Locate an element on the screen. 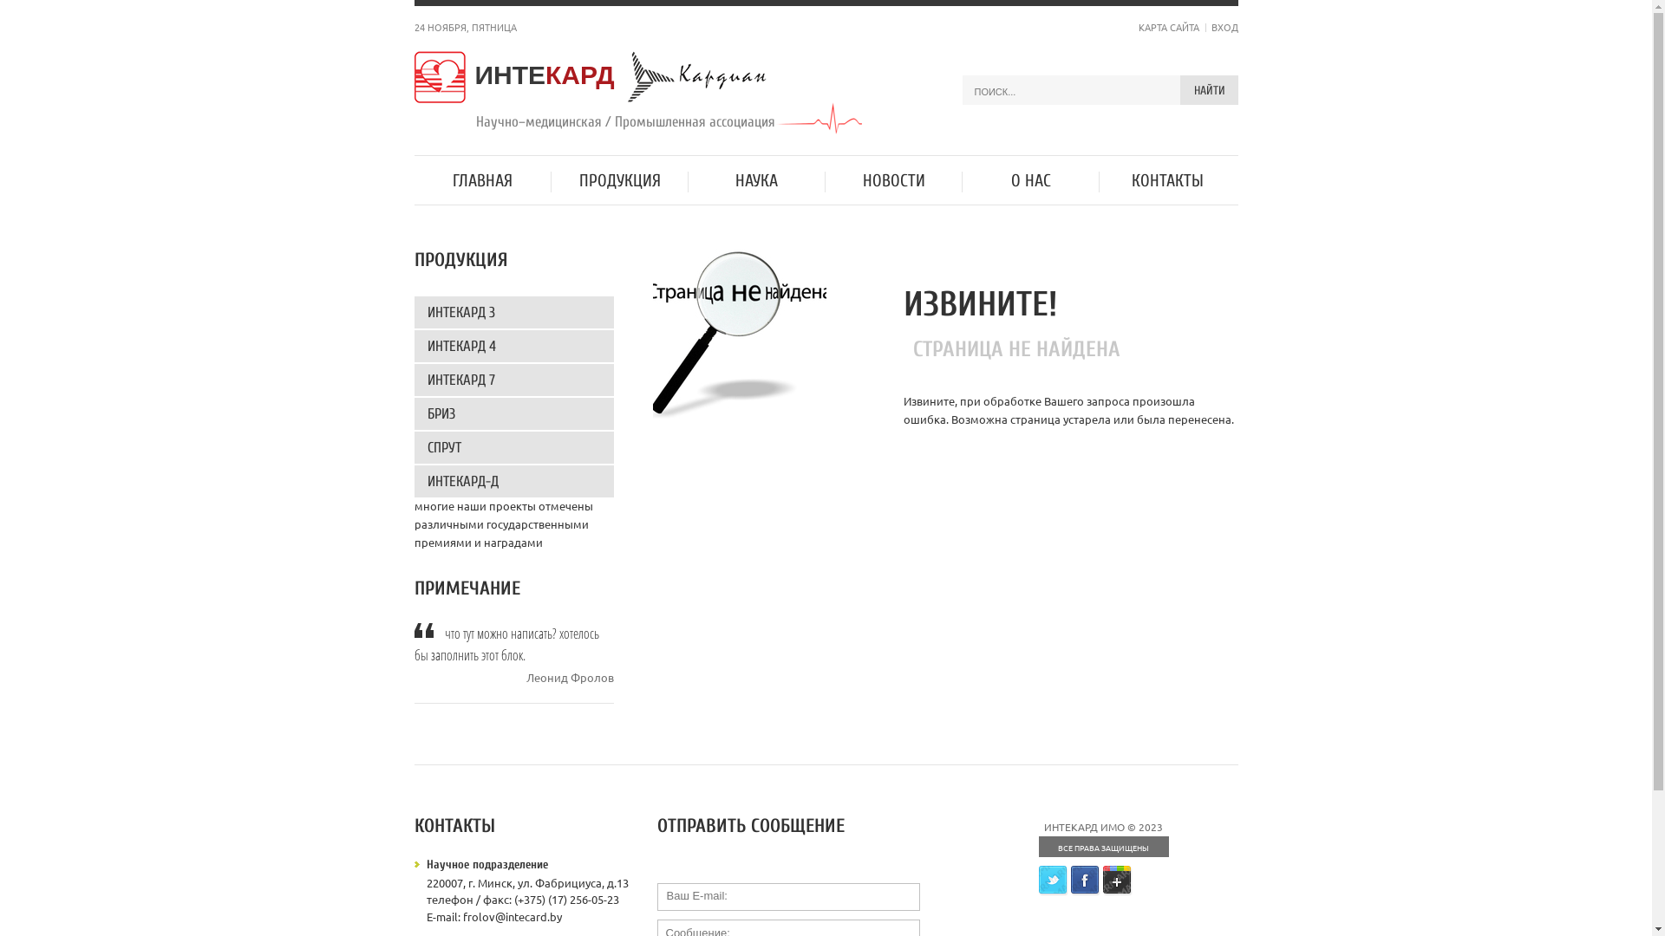  'Facebook' is located at coordinates (1084, 874).